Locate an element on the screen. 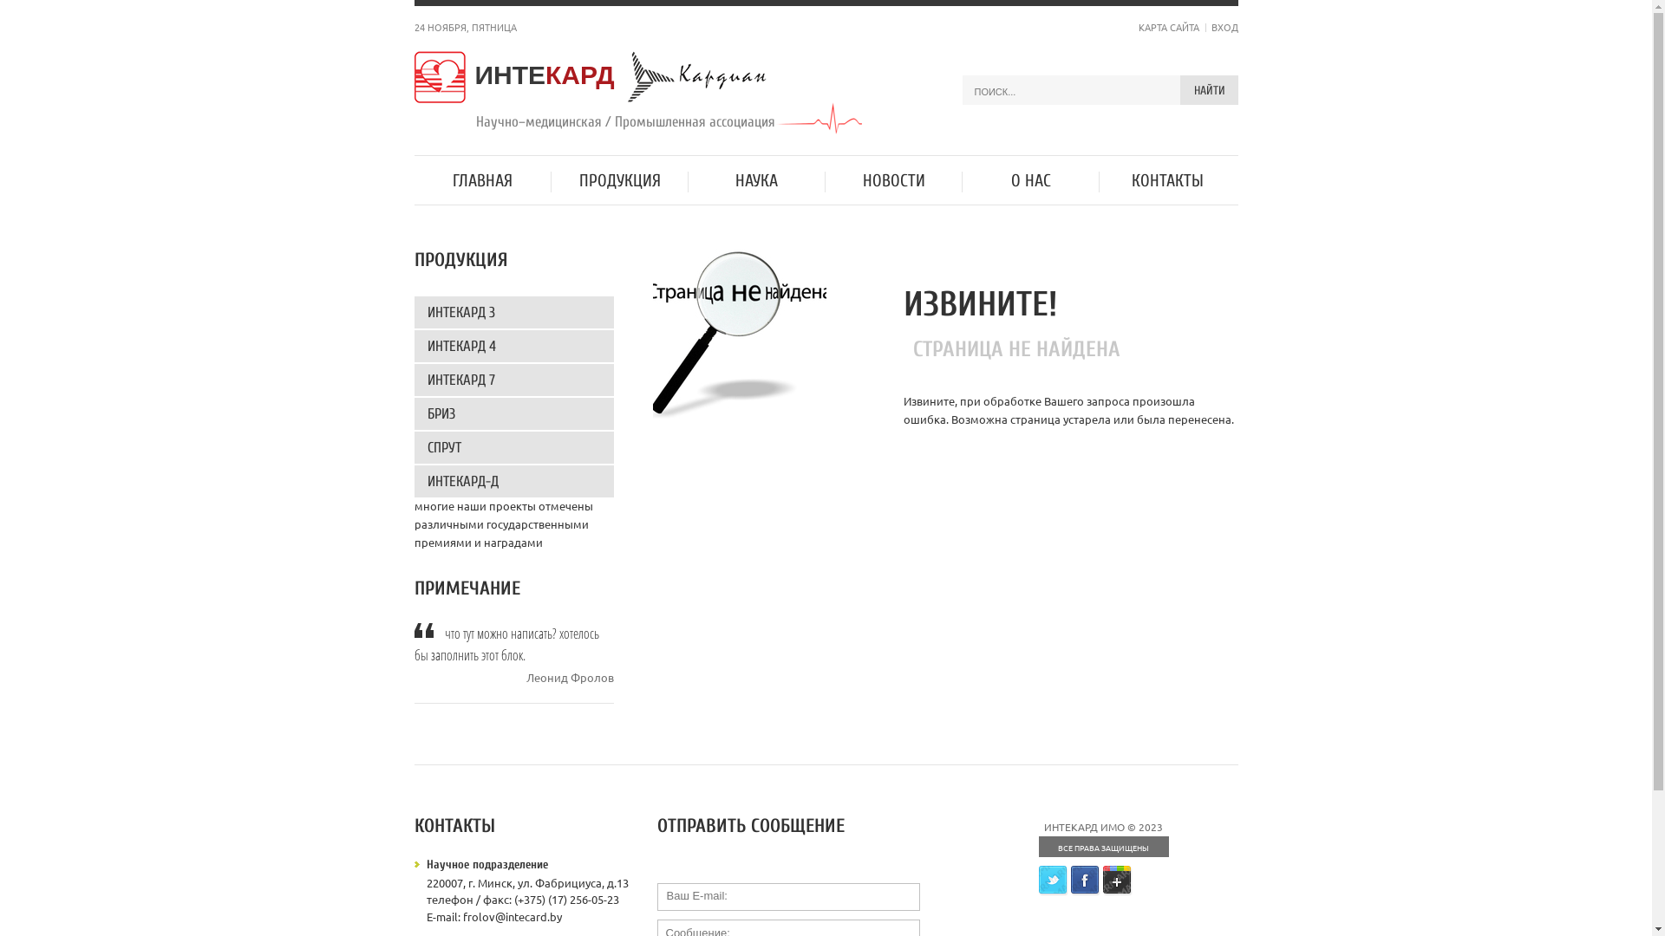  'Facebook' is located at coordinates (1084, 874).